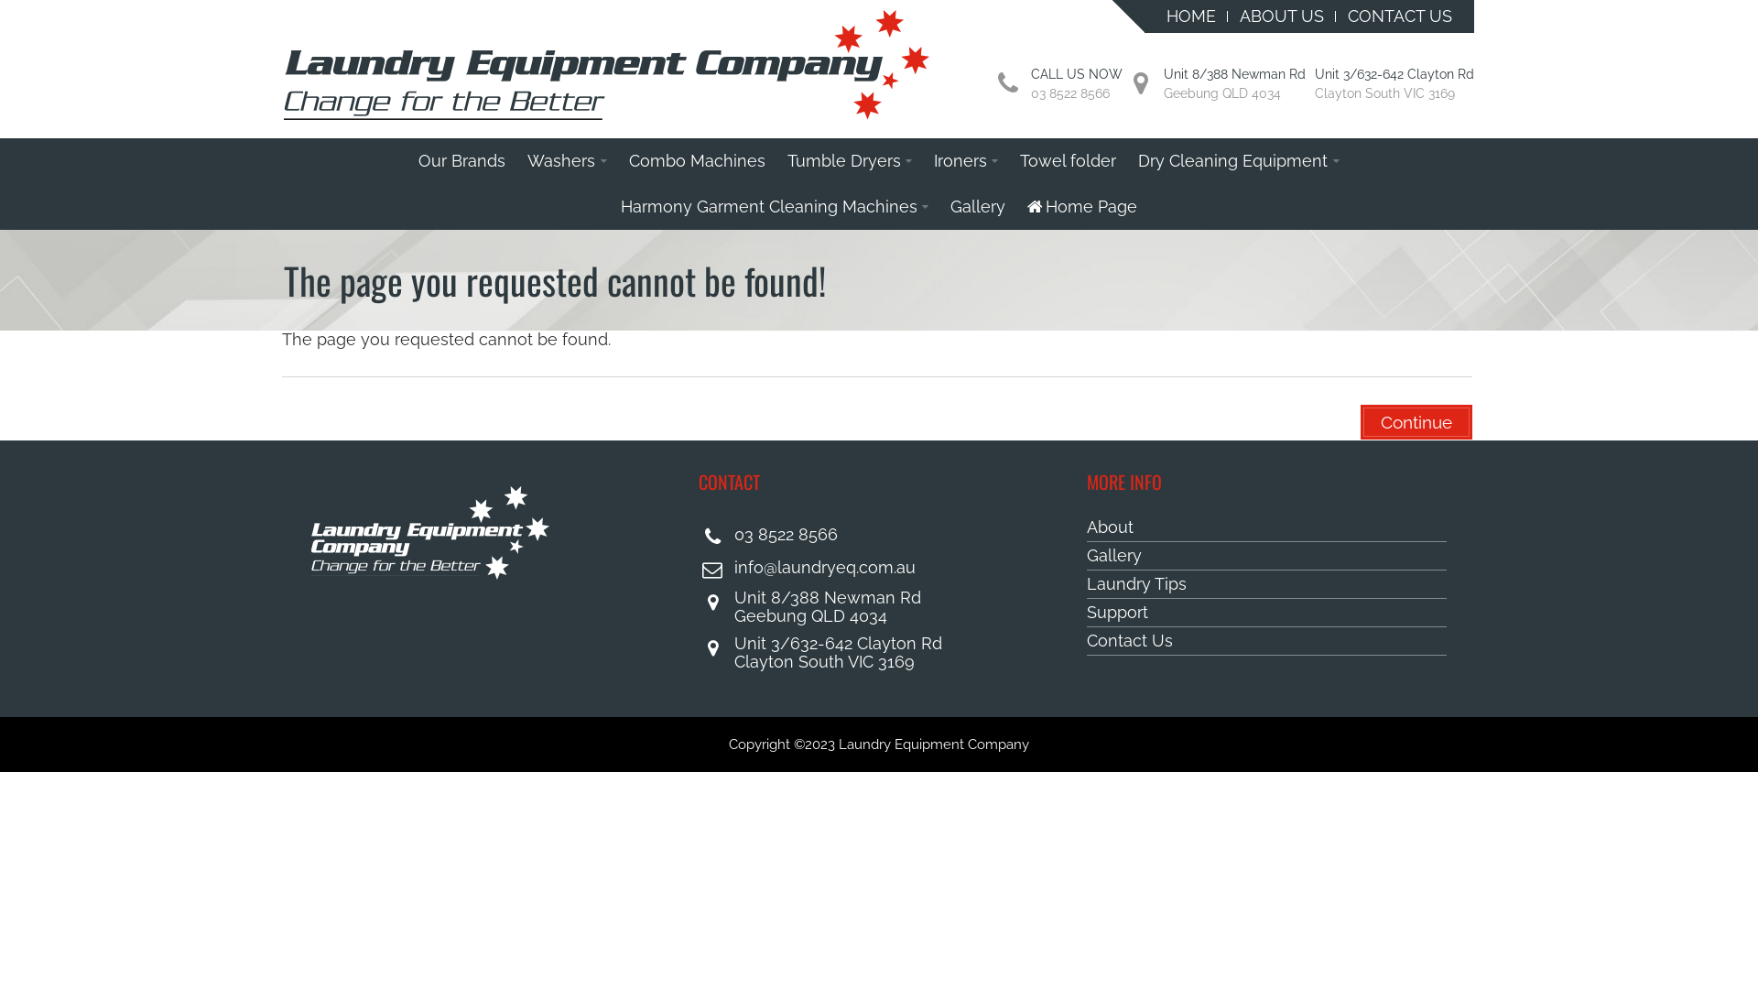  Describe the element at coordinates (1265, 527) in the screenshot. I see `'About'` at that location.